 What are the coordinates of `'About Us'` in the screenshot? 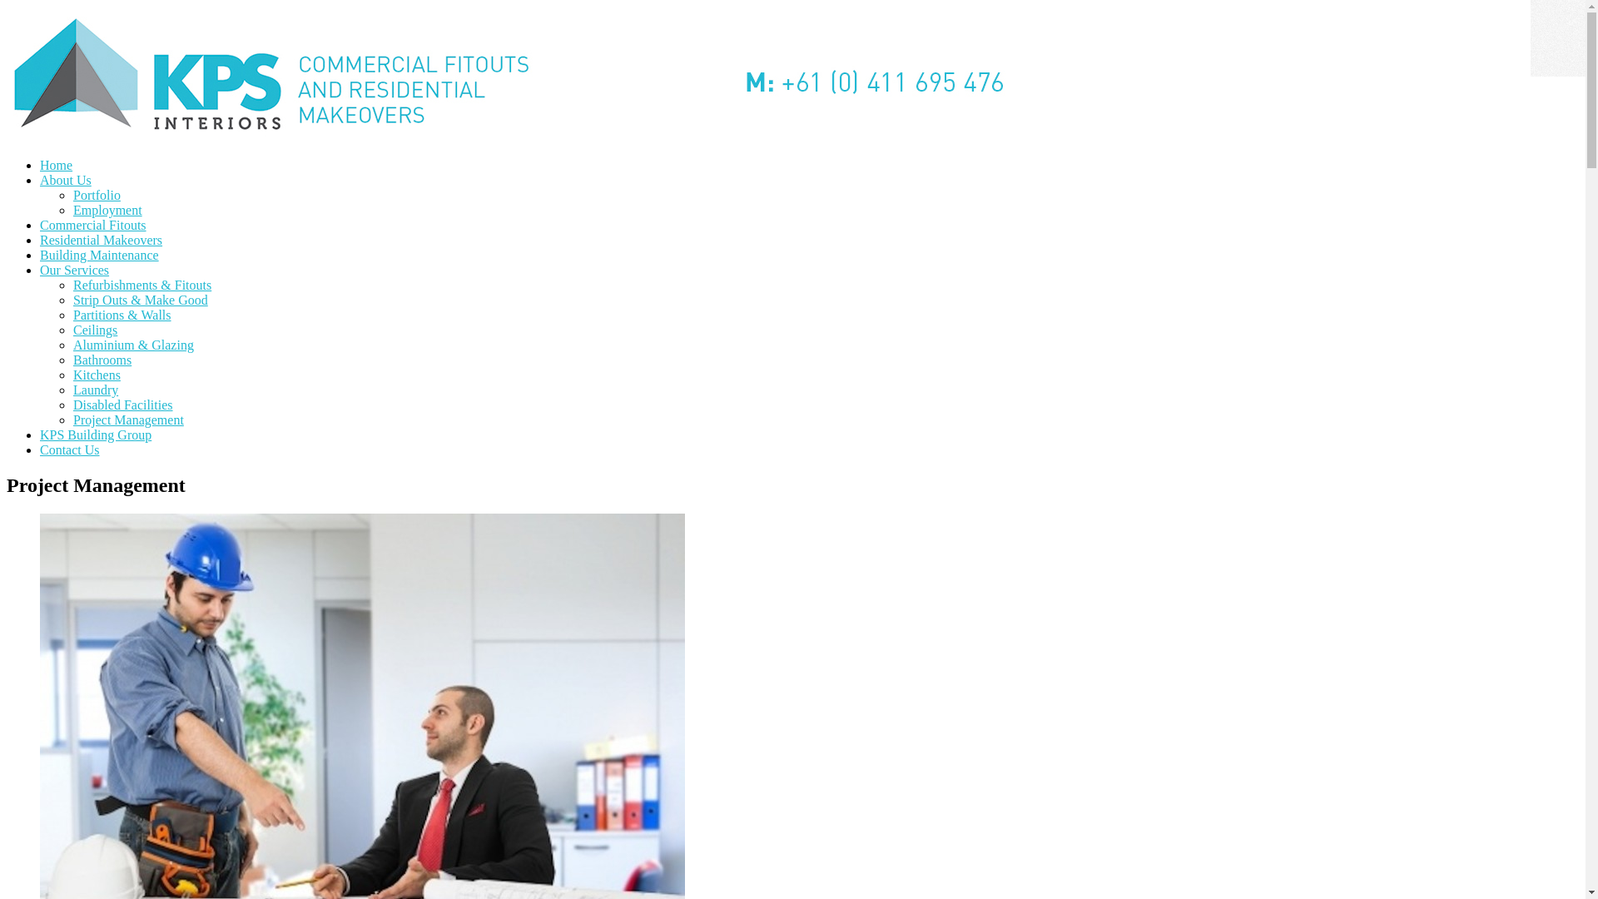 It's located at (65, 180).